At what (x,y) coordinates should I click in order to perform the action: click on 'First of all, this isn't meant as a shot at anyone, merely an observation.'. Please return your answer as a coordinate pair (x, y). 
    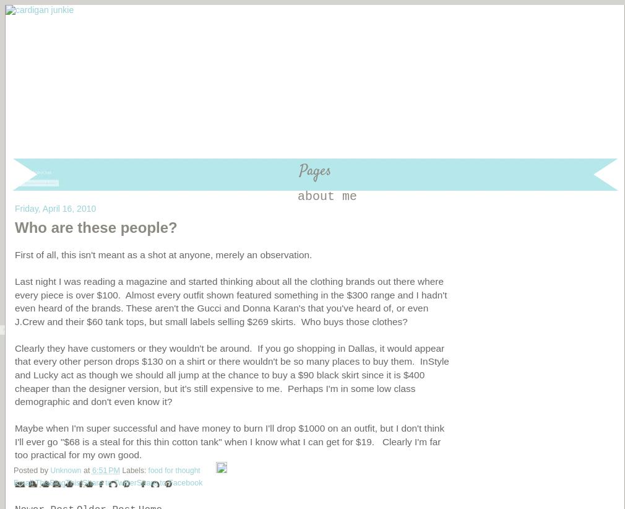
    Looking at the image, I should click on (165, 254).